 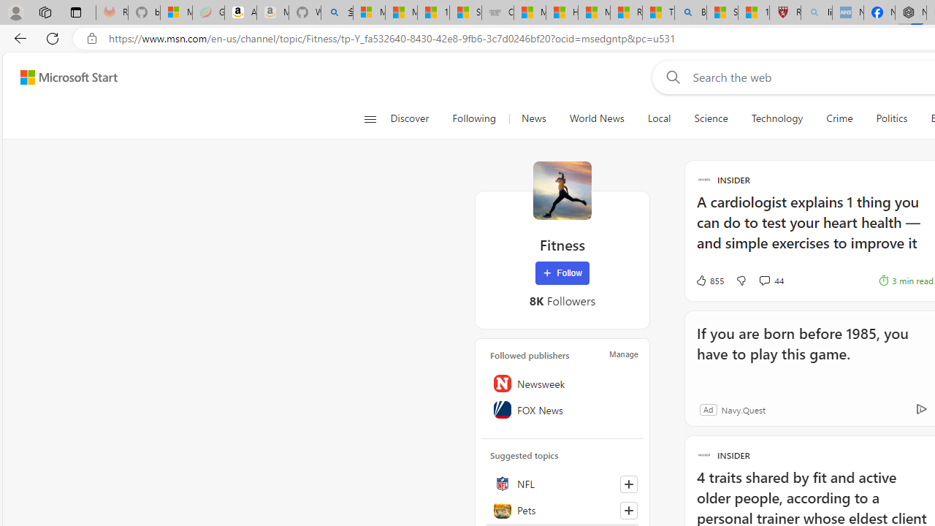 I want to click on 'Newsweek', so click(x=562, y=383).